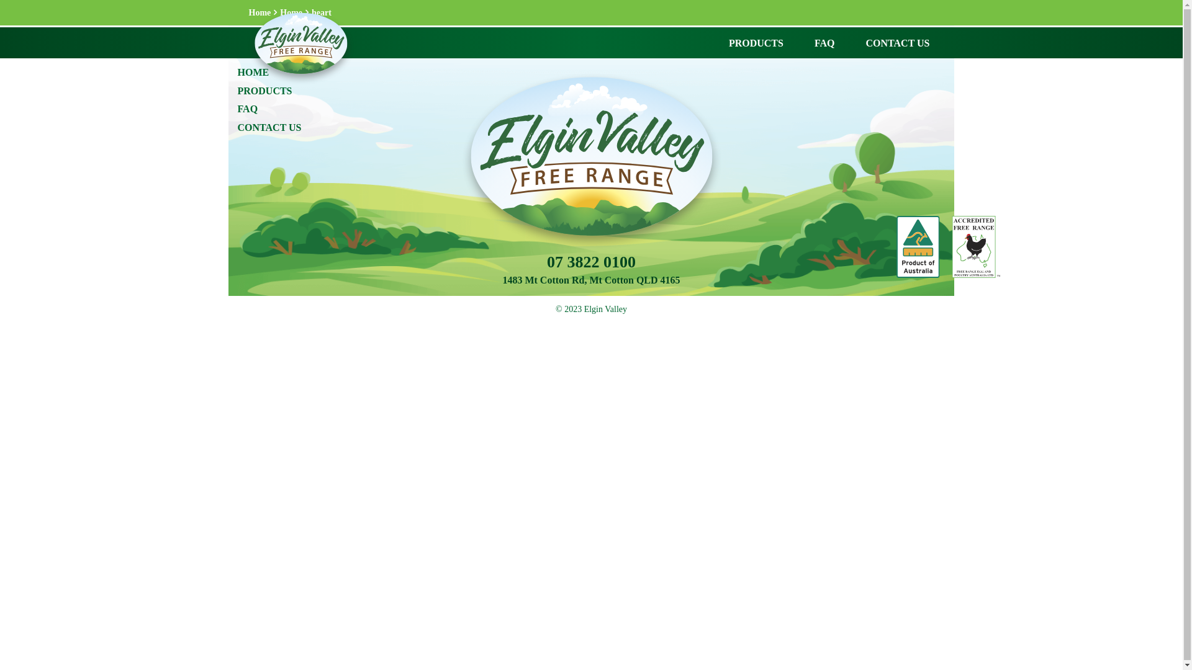 Image resolution: width=1192 pixels, height=670 pixels. Describe the element at coordinates (268, 127) in the screenshot. I see `'CONTACT US'` at that location.